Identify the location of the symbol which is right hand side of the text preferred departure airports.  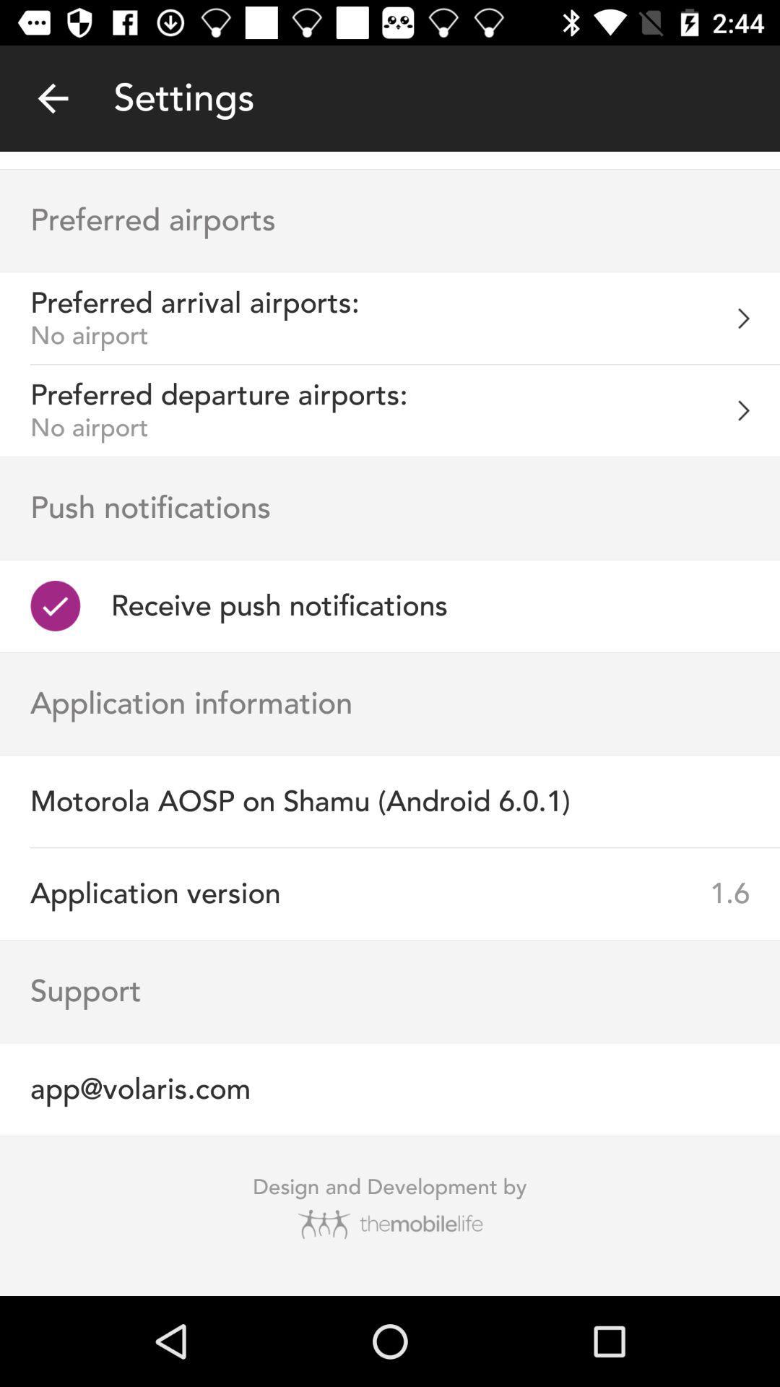
(758, 410).